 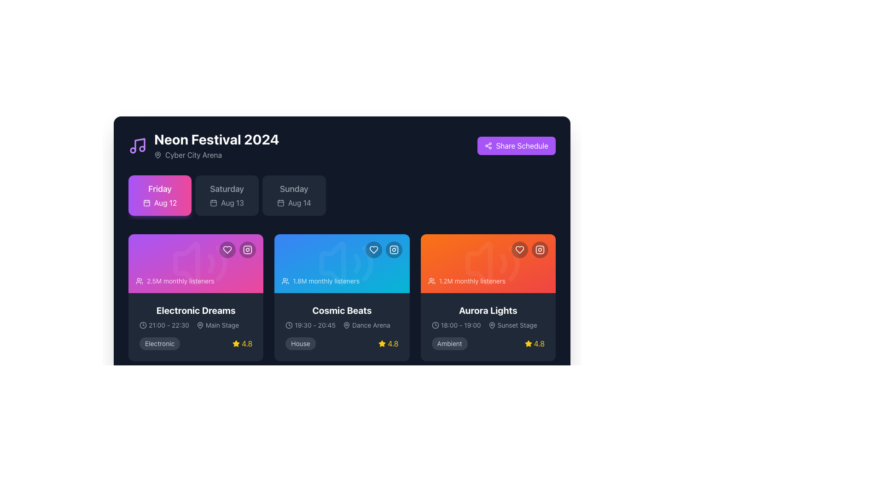 I want to click on the icon illustrating a group of people, so click(x=285, y=280).